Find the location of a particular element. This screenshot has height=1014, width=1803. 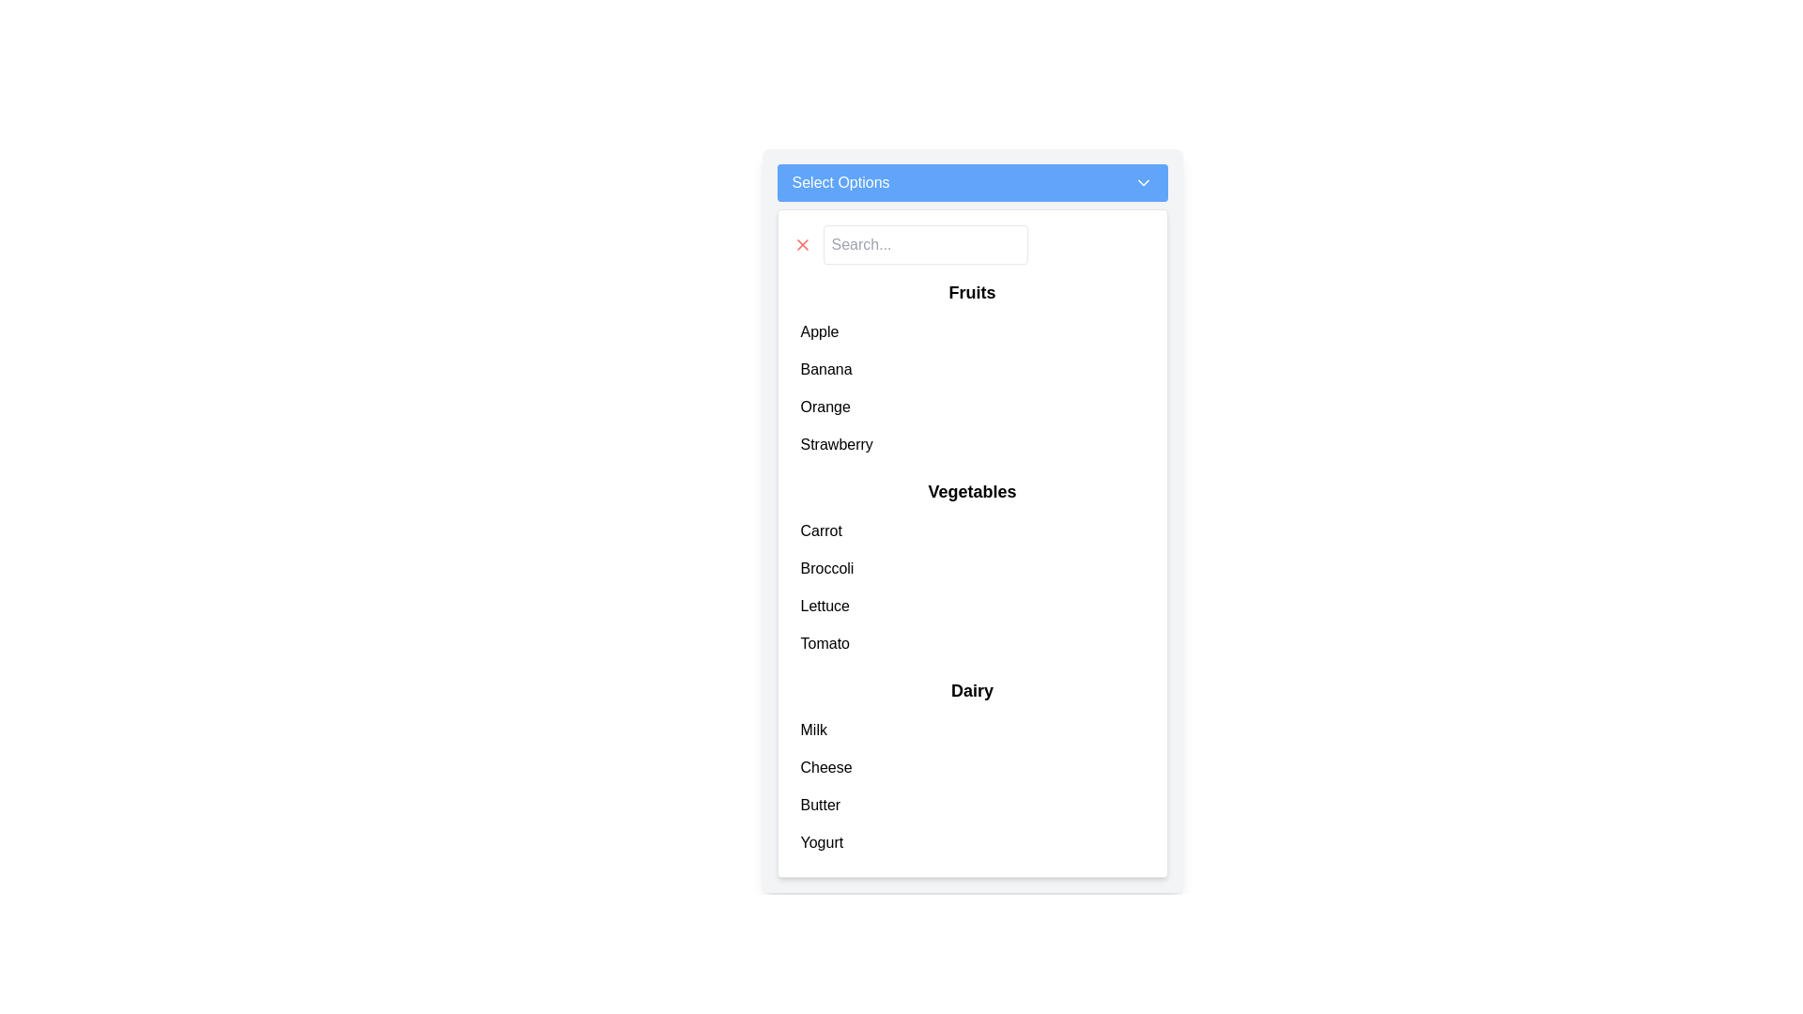

the label representing 'Tomato', which is the fourth item in the 'Vegetables' dropdown menu is located at coordinates (824, 643).